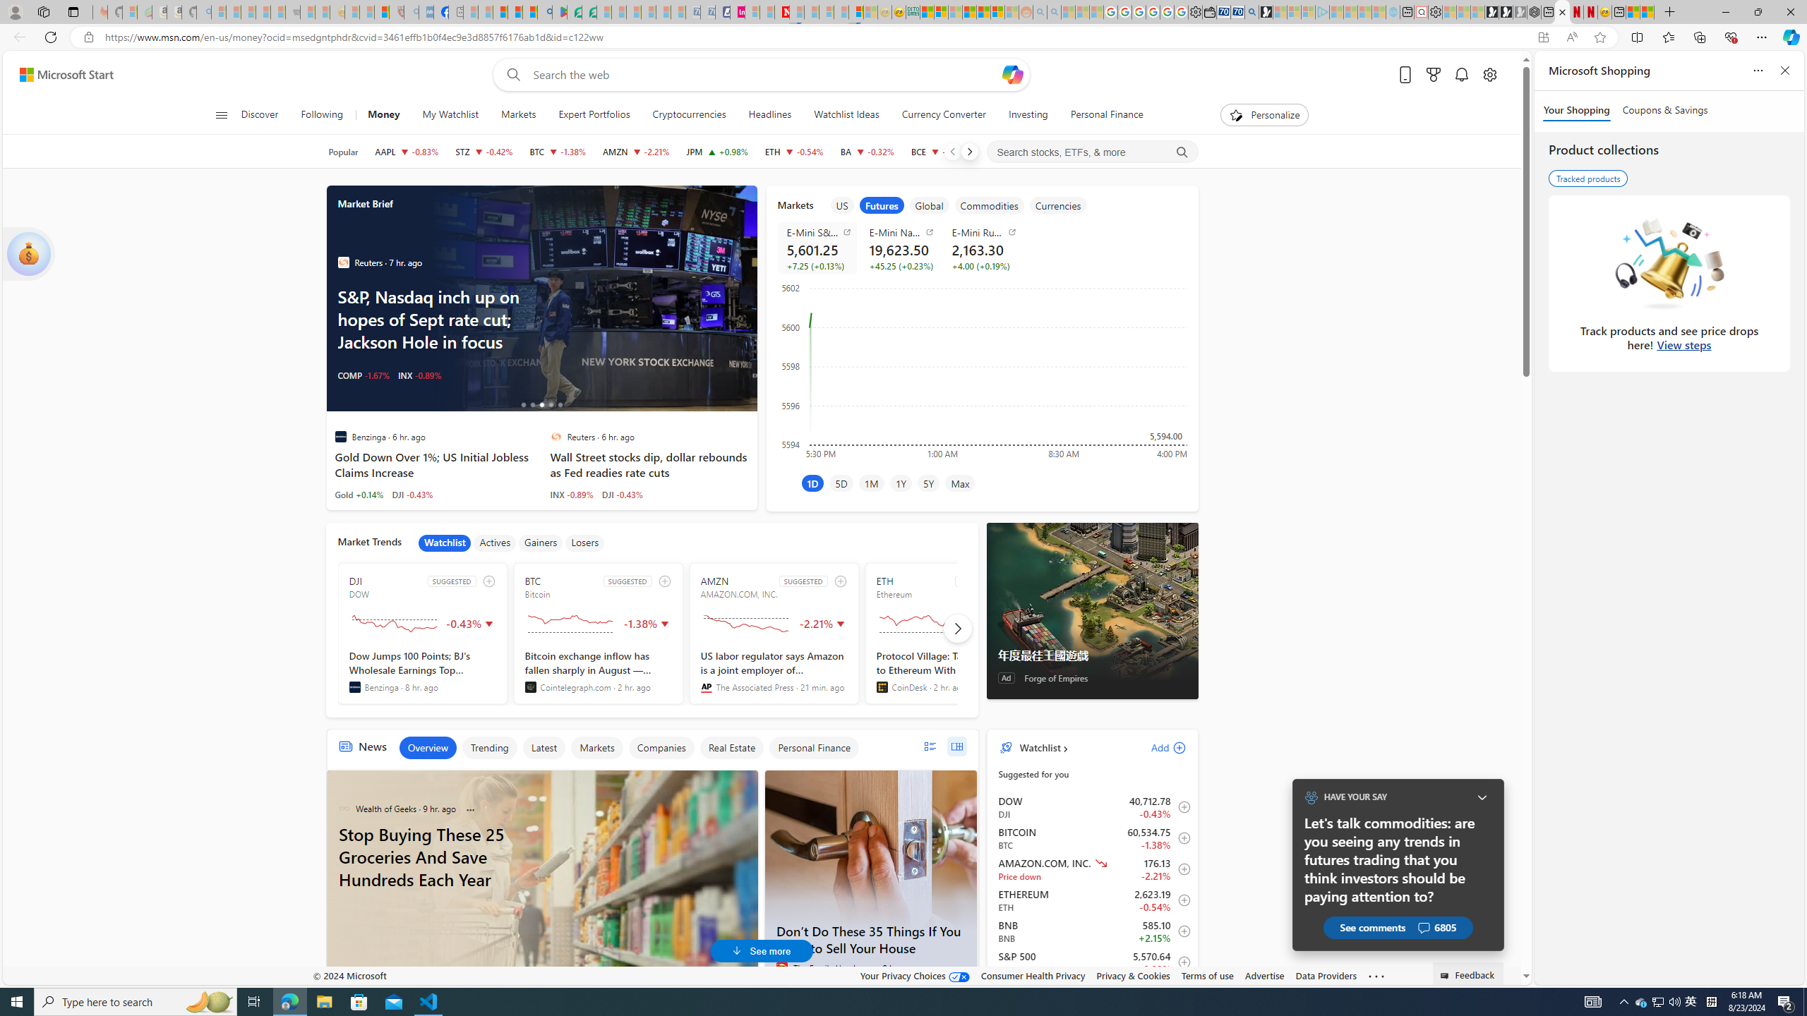 This screenshot has height=1016, width=1807. Describe the element at coordinates (1251, 11) in the screenshot. I see `'Bing Real Estate - Home sales and rental listings'` at that location.